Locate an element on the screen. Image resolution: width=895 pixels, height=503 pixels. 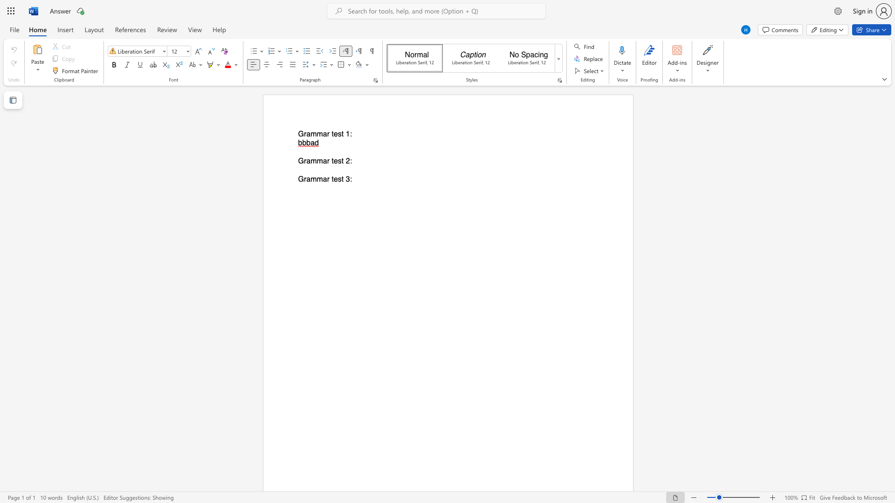
the 1th character ":" in the text is located at coordinates (350, 134).